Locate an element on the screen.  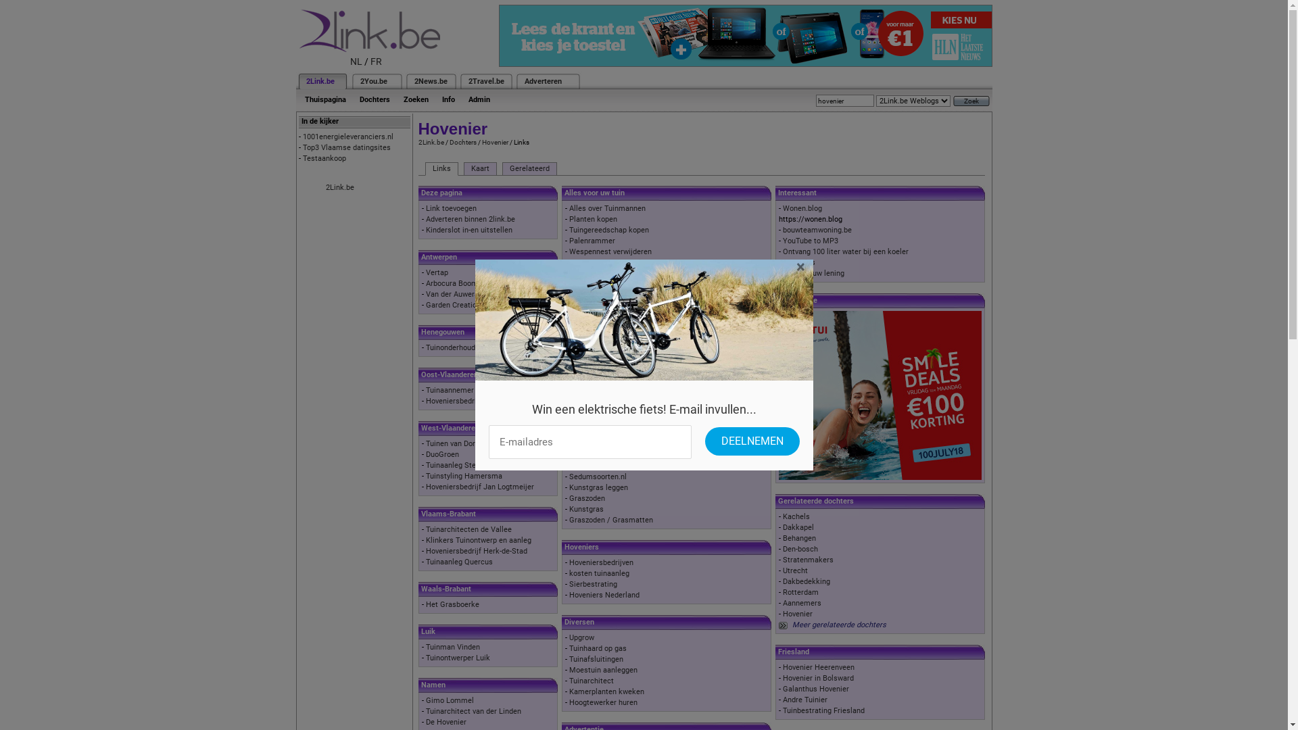
'Link toevoegen' is located at coordinates (451, 208).